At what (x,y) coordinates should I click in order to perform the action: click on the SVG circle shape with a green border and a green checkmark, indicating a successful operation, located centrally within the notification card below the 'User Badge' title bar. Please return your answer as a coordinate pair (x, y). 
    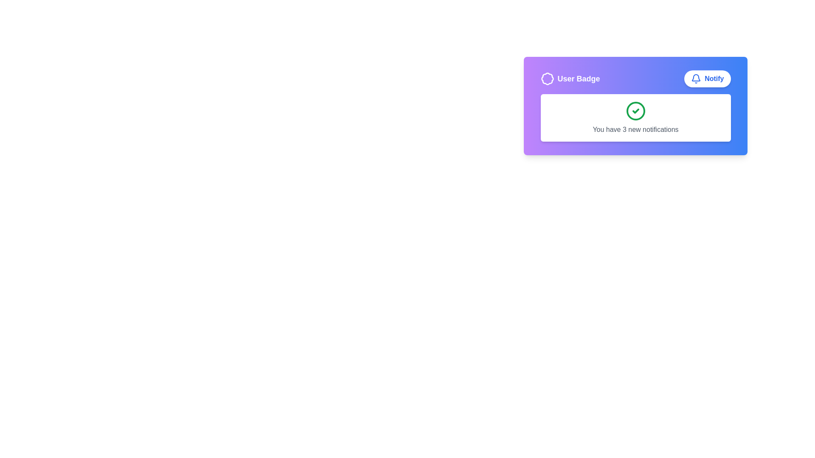
    Looking at the image, I should click on (635, 111).